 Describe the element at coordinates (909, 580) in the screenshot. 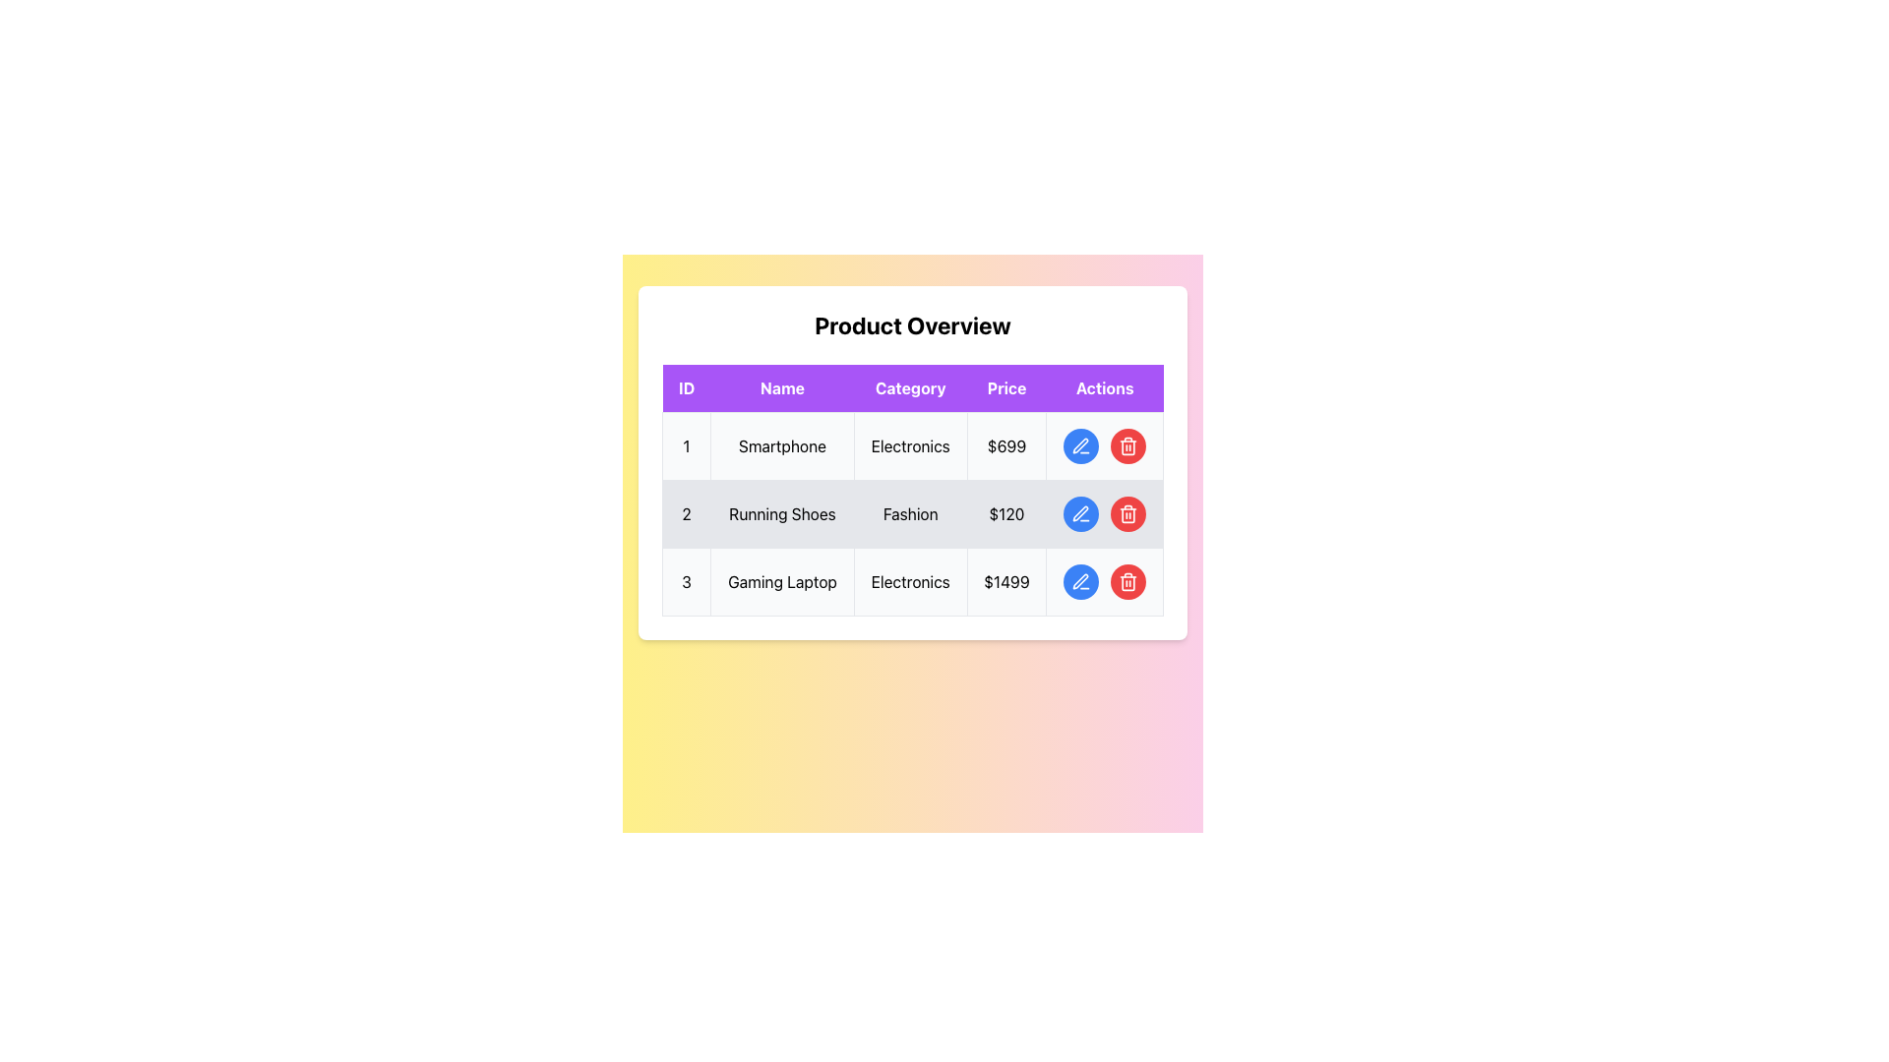

I see `the 'Electronics' text label in the 'Category' column of the third row of the table, which displays black text on a light background` at that location.